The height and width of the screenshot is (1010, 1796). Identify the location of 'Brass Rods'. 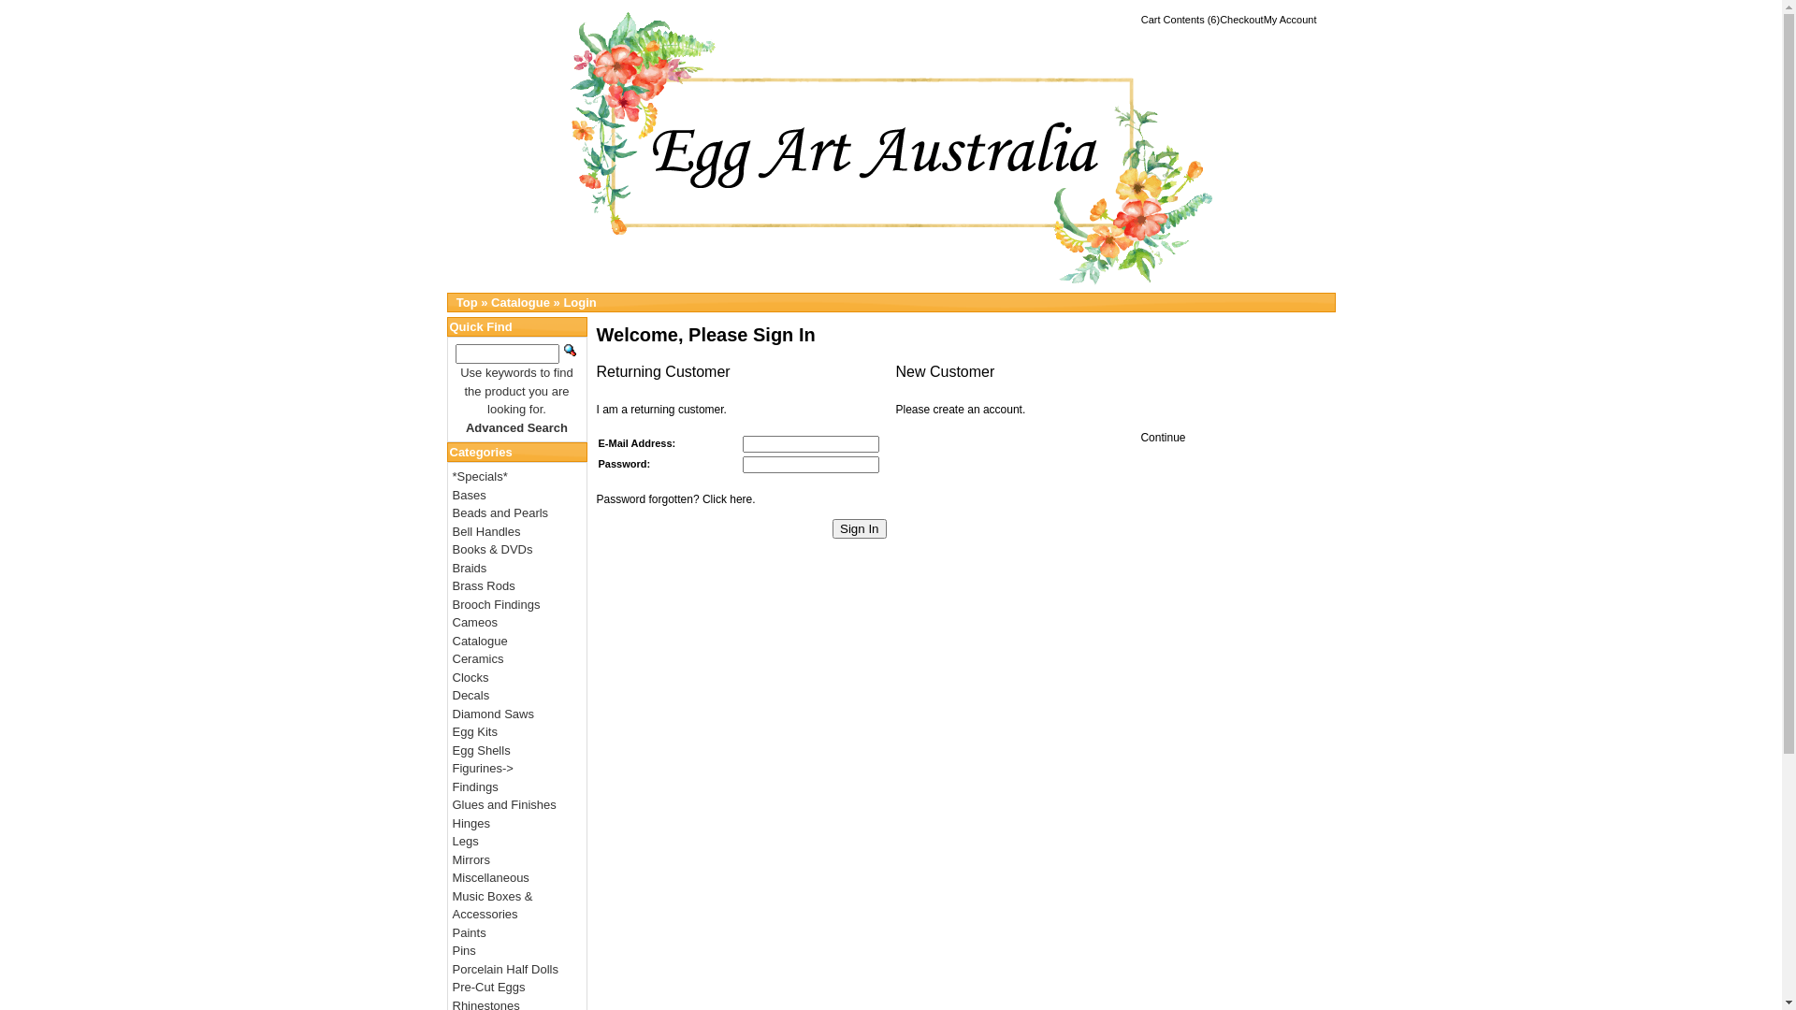
(484, 584).